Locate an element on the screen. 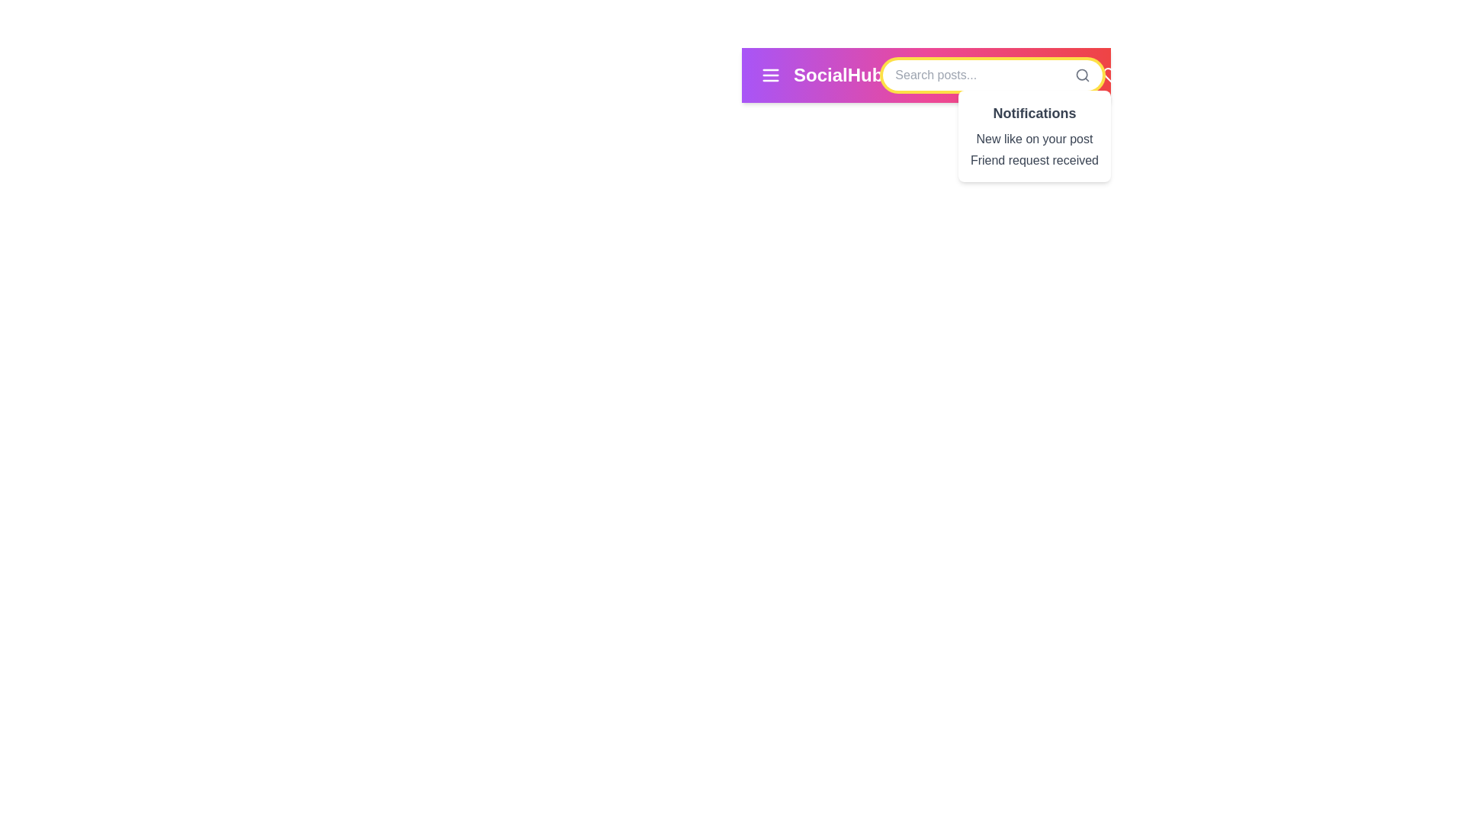  the menu button to open the menu is located at coordinates (771, 75).